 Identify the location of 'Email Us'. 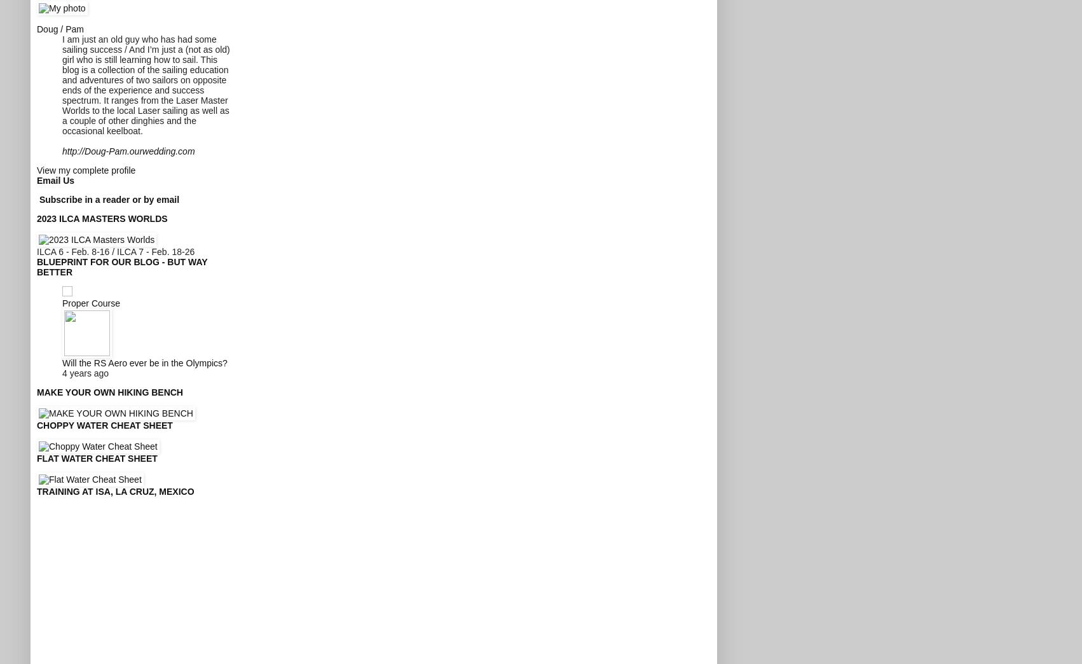
(55, 179).